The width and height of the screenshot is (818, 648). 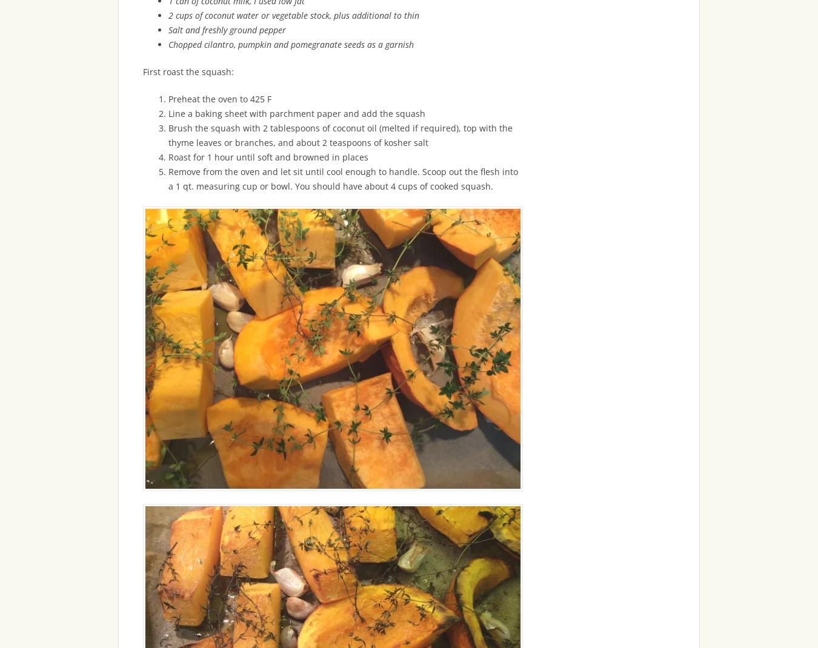 What do you see at coordinates (340, 134) in the screenshot?
I see `'the squash with 2 tablespoons of coconut oil (melted if required), top with the thyme leaves or branches, and about 2 teaspoons of kosher salt'` at bounding box center [340, 134].